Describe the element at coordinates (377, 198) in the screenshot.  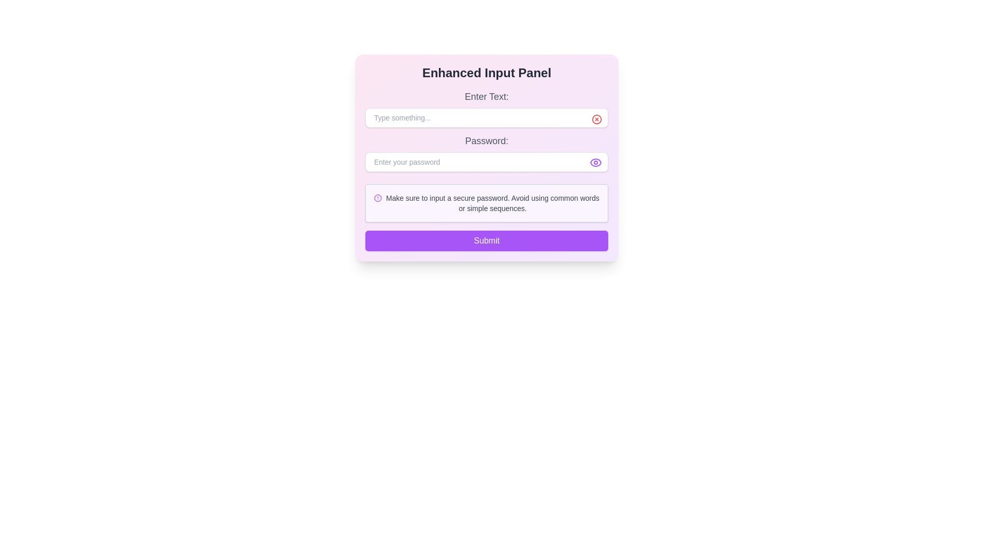
I see `the alert or warning icon located at the top-left corner of the message box below the password input field` at that location.